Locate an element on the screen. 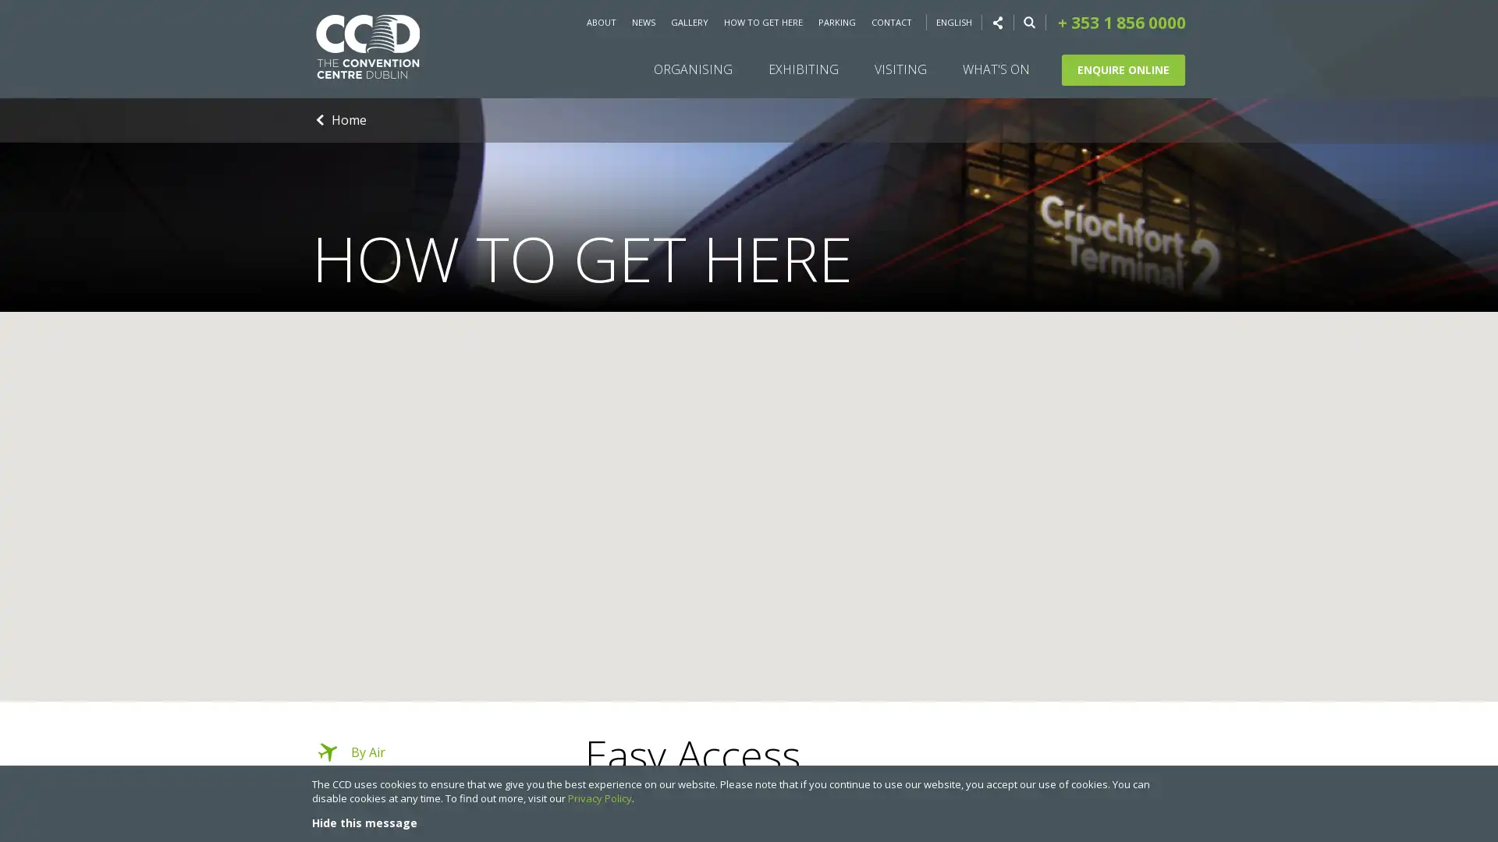  Keyboard shortcuts is located at coordinates (1265, 695).